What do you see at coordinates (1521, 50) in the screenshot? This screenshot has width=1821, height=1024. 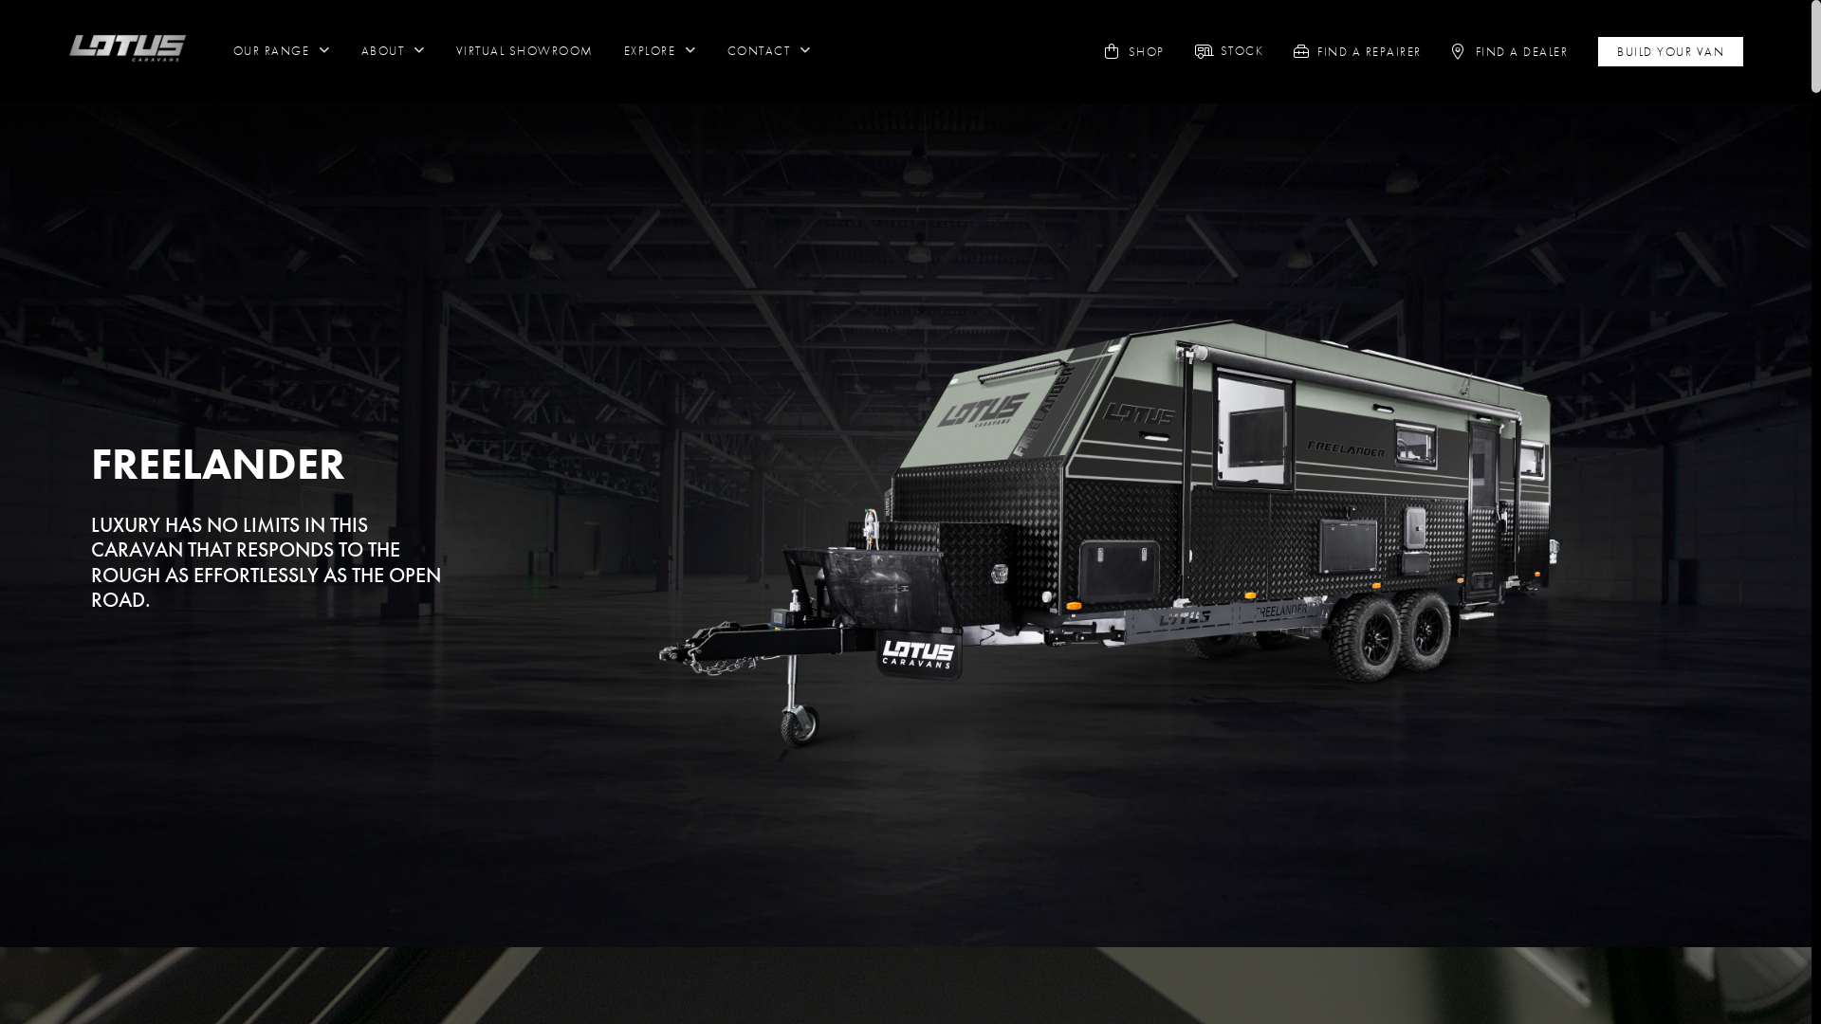 I see `'FIND A DEALER'` at bounding box center [1521, 50].